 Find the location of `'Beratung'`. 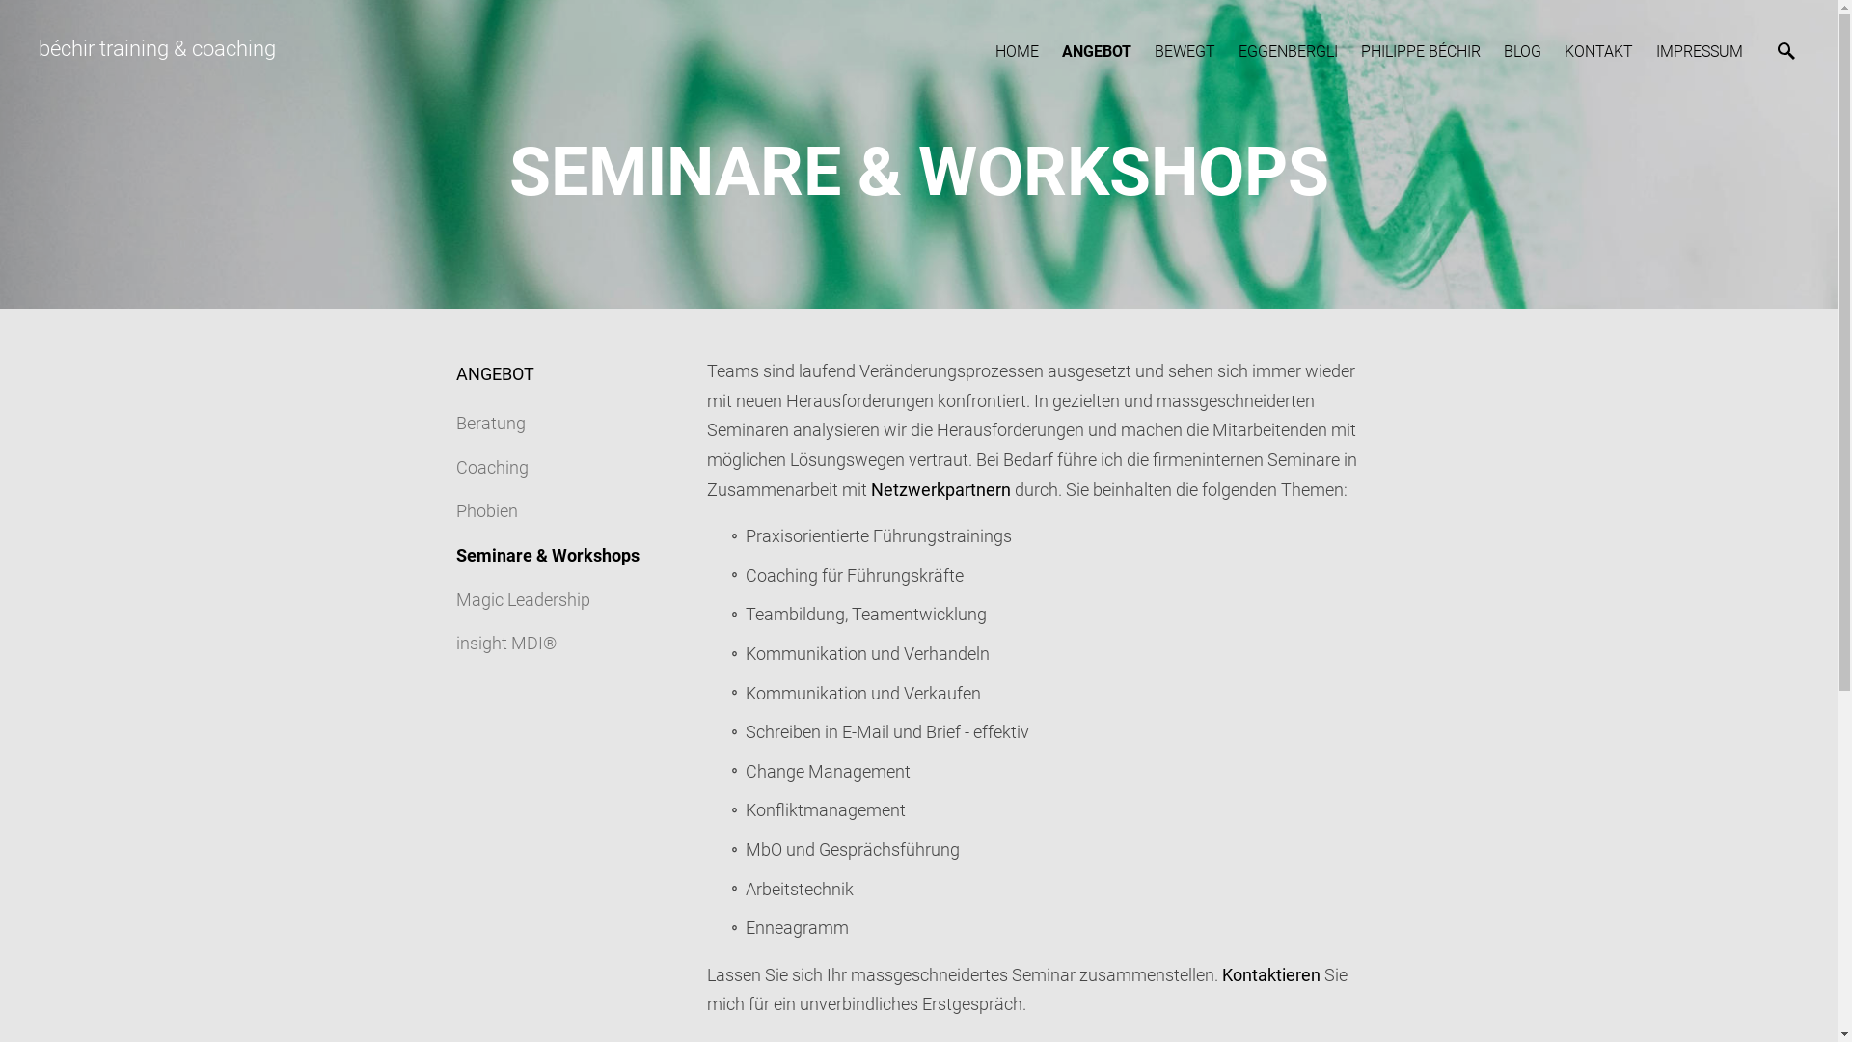

'Beratung' is located at coordinates (490, 422).